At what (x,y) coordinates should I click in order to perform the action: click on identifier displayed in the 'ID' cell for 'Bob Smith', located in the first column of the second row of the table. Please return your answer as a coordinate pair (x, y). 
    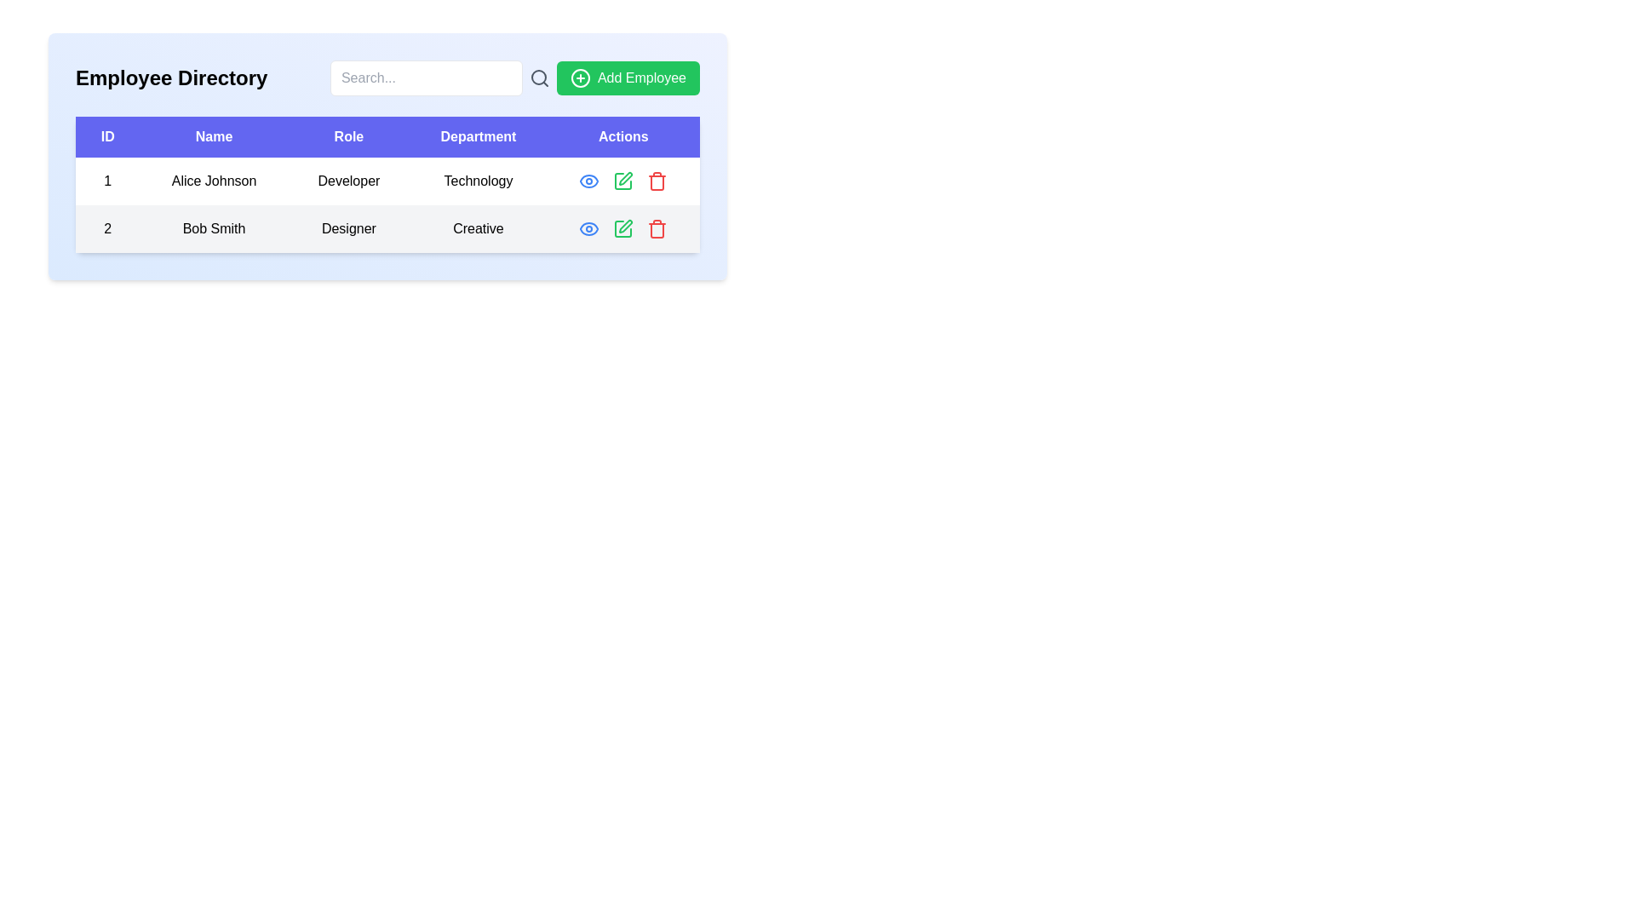
    Looking at the image, I should click on (106, 228).